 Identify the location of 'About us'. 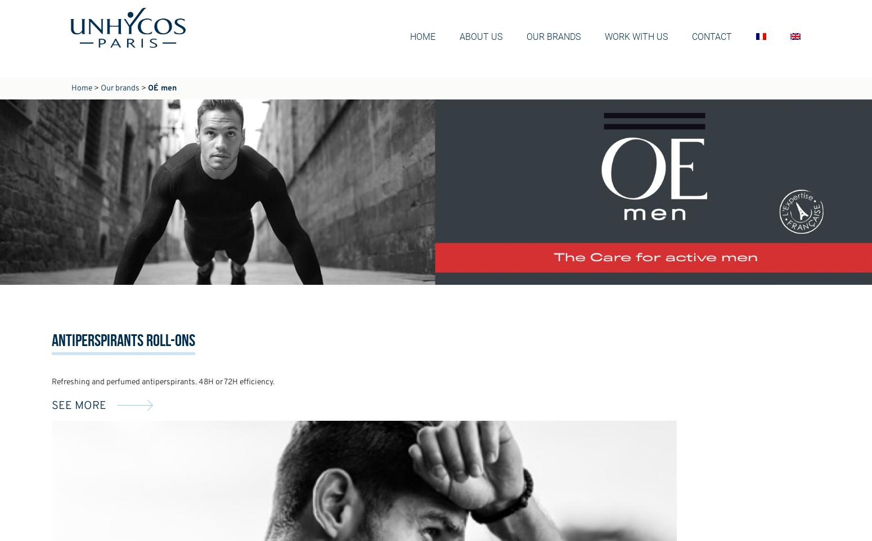
(459, 37).